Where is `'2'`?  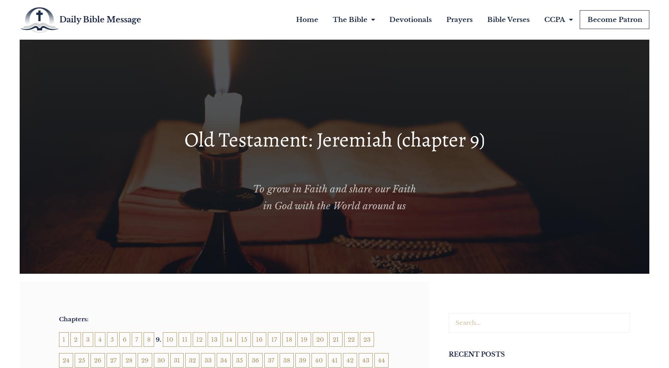
'2' is located at coordinates (75, 339).